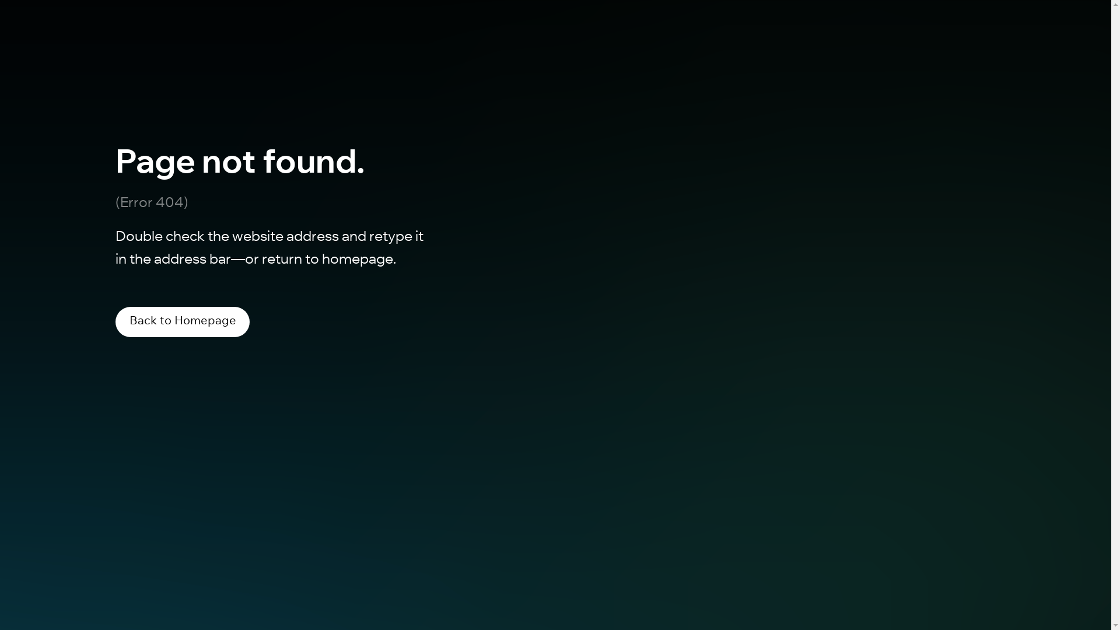  Describe the element at coordinates (181, 321) in the screenshot. I see `'Back to Homepage'` at that location.